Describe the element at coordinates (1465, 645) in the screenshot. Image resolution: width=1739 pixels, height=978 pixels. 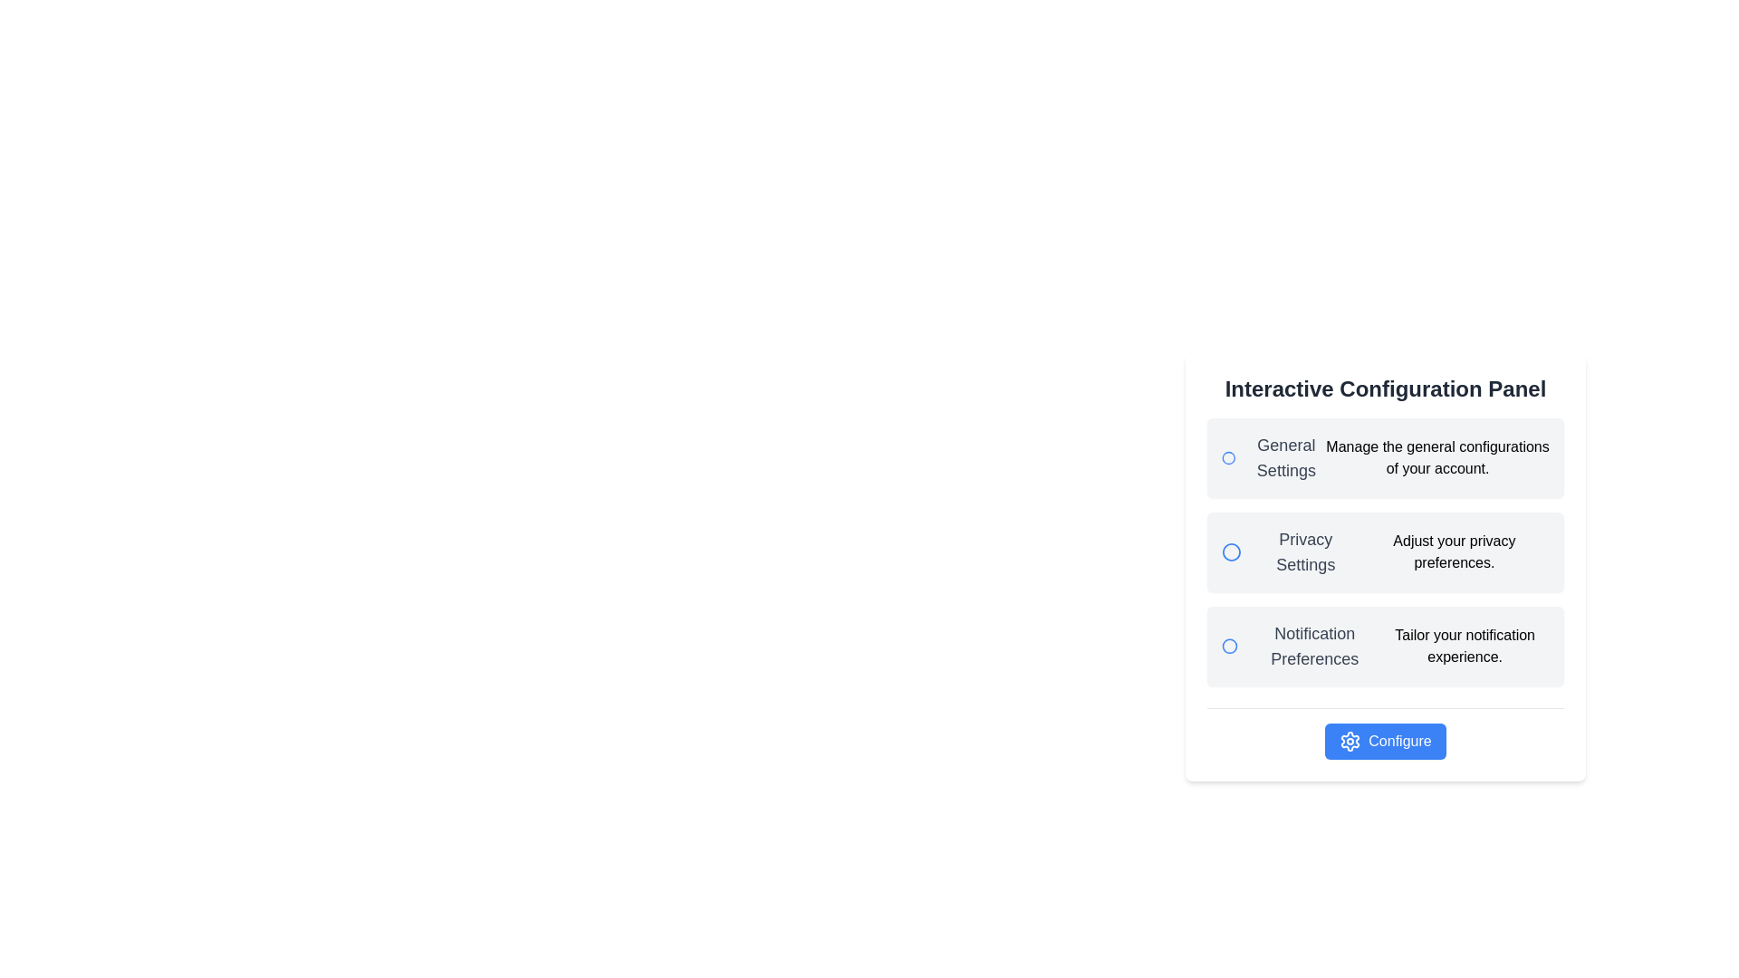
I see `the Text Label that provides information about the 'Notification Preferences' section, located in the third section of the 'Interactive Configuration Panel'` at that location.